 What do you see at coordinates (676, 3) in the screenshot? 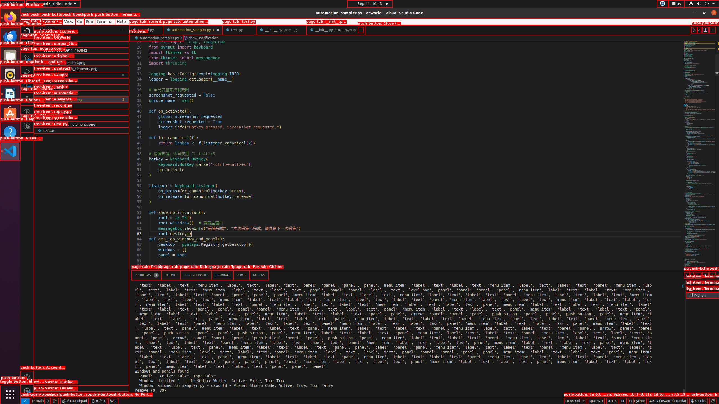
I see `':1.21/StatusNotifierItem'` at bounding box center [676, 3].